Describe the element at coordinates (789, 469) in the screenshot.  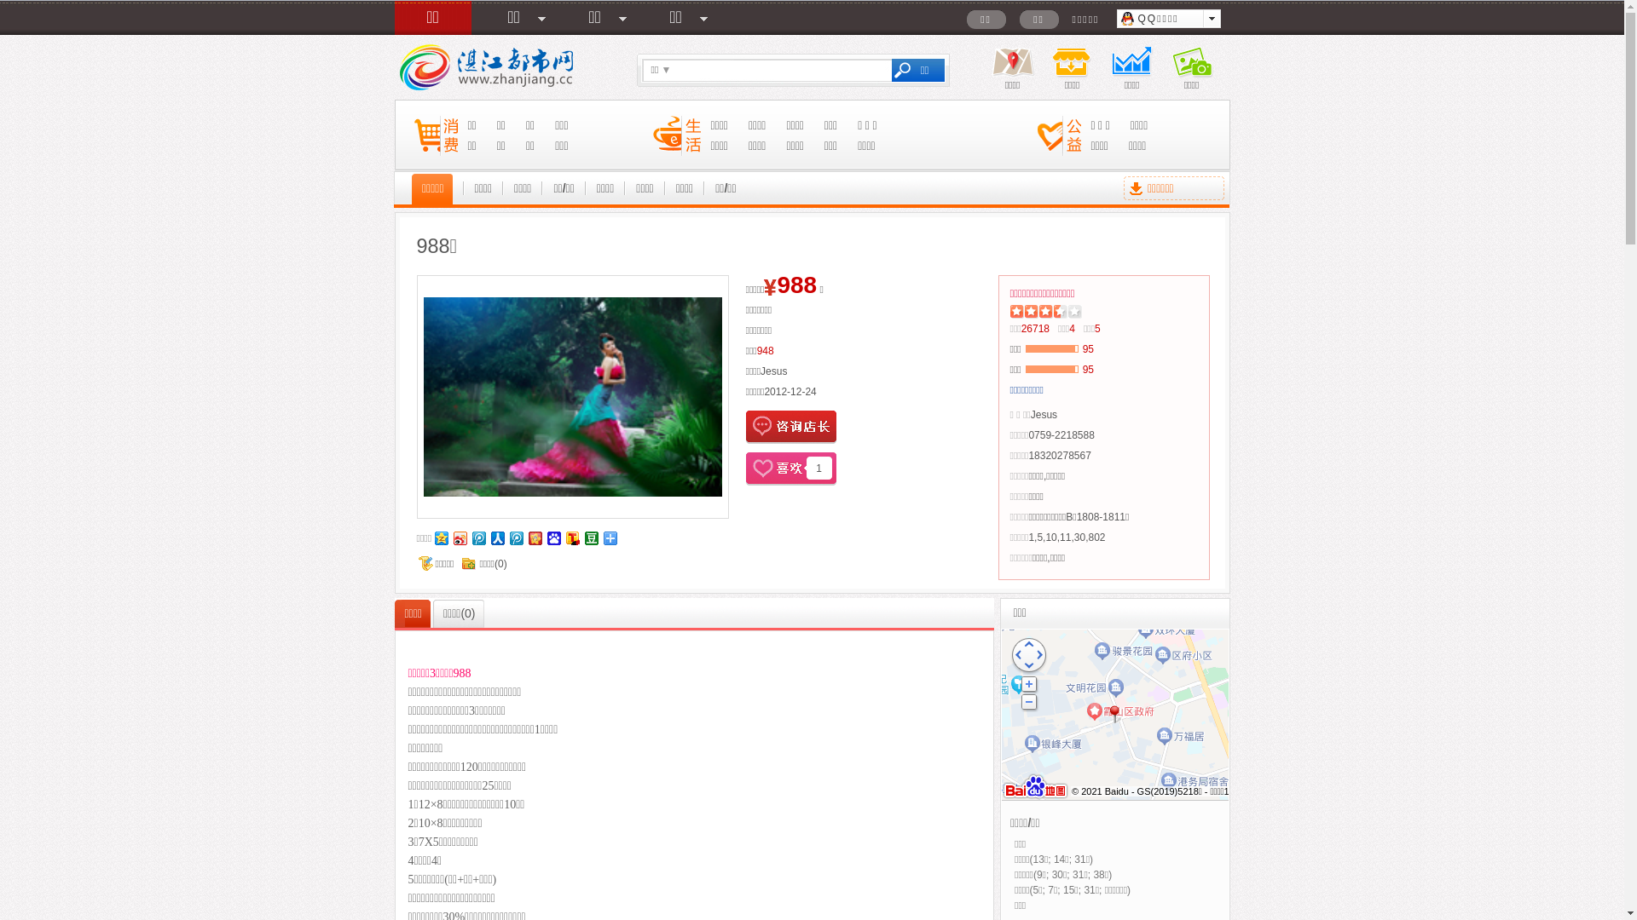
I see `'1'` at that location.